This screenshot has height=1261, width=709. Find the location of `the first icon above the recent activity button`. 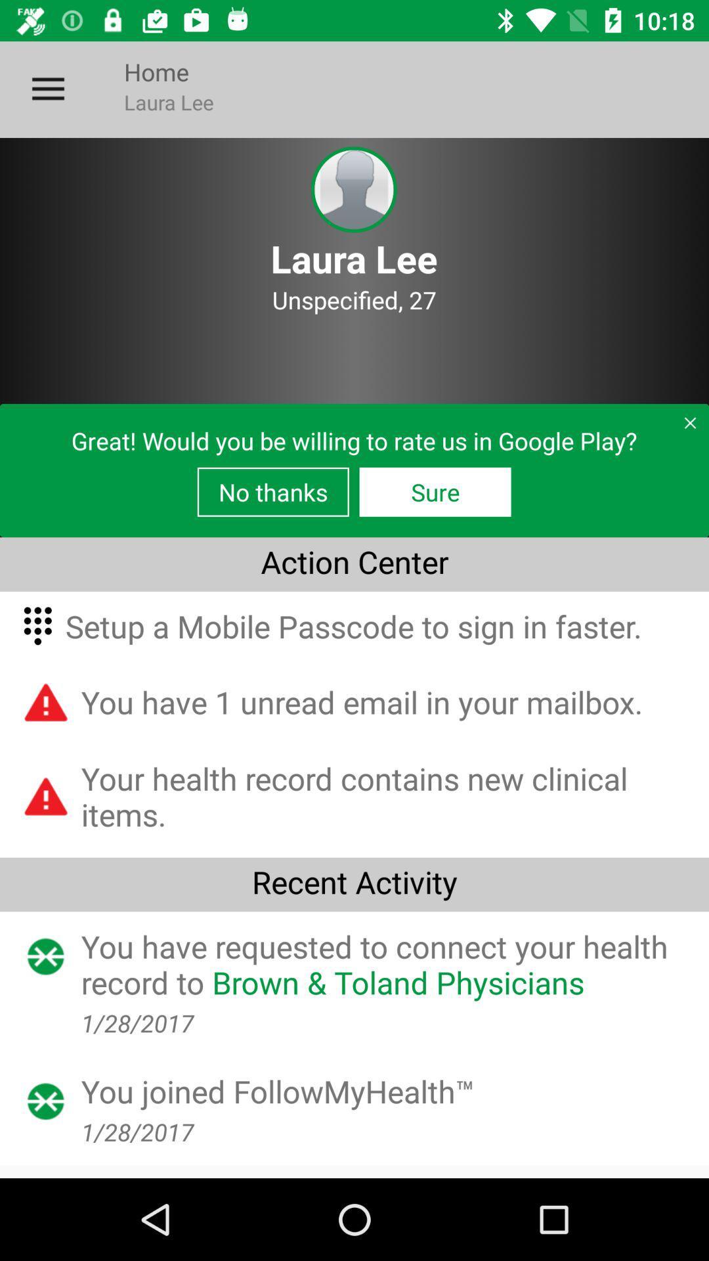

the first icon above the recent activity button is located at coordinates (47, 796).